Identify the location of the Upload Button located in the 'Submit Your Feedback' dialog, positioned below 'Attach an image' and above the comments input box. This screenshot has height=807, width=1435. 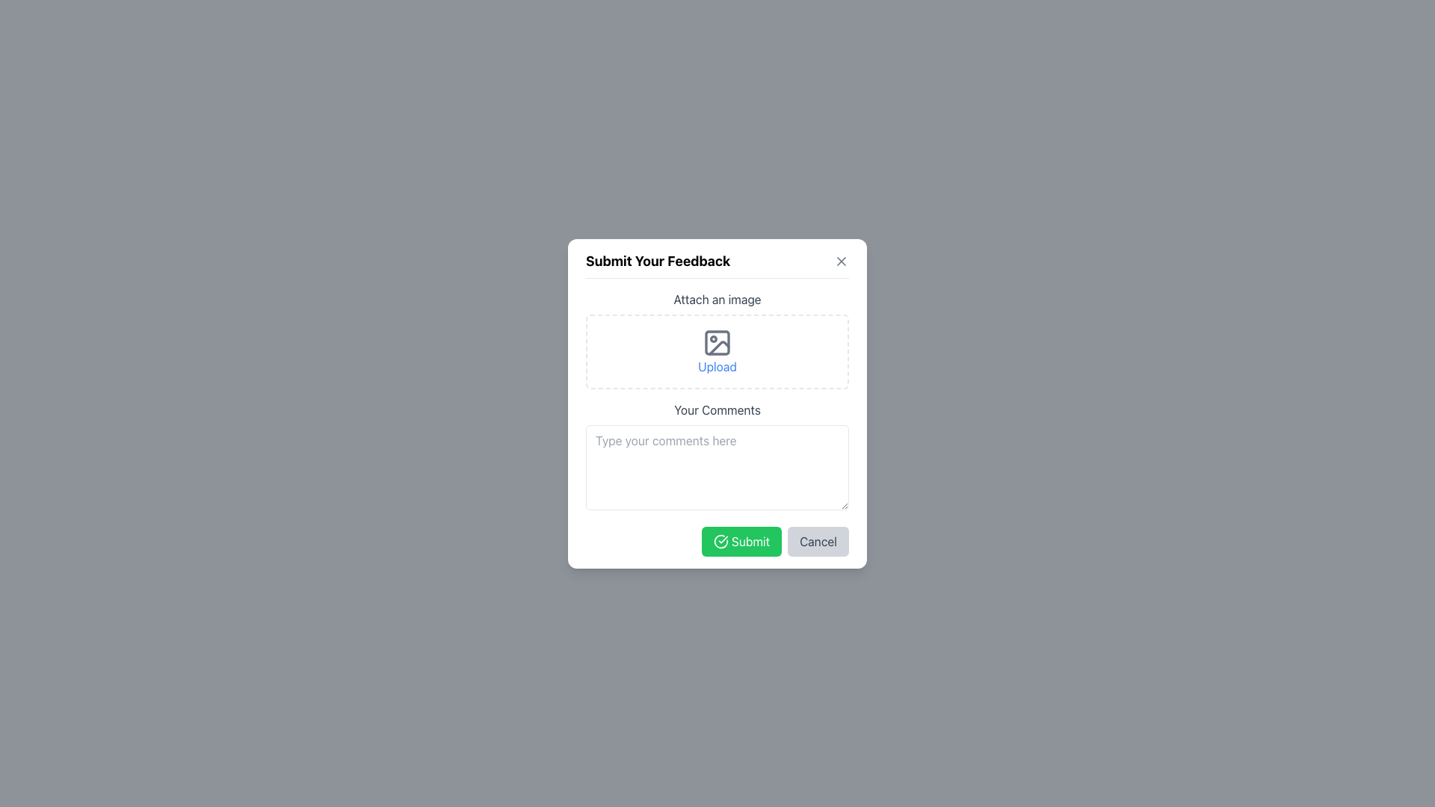
(717, 351).